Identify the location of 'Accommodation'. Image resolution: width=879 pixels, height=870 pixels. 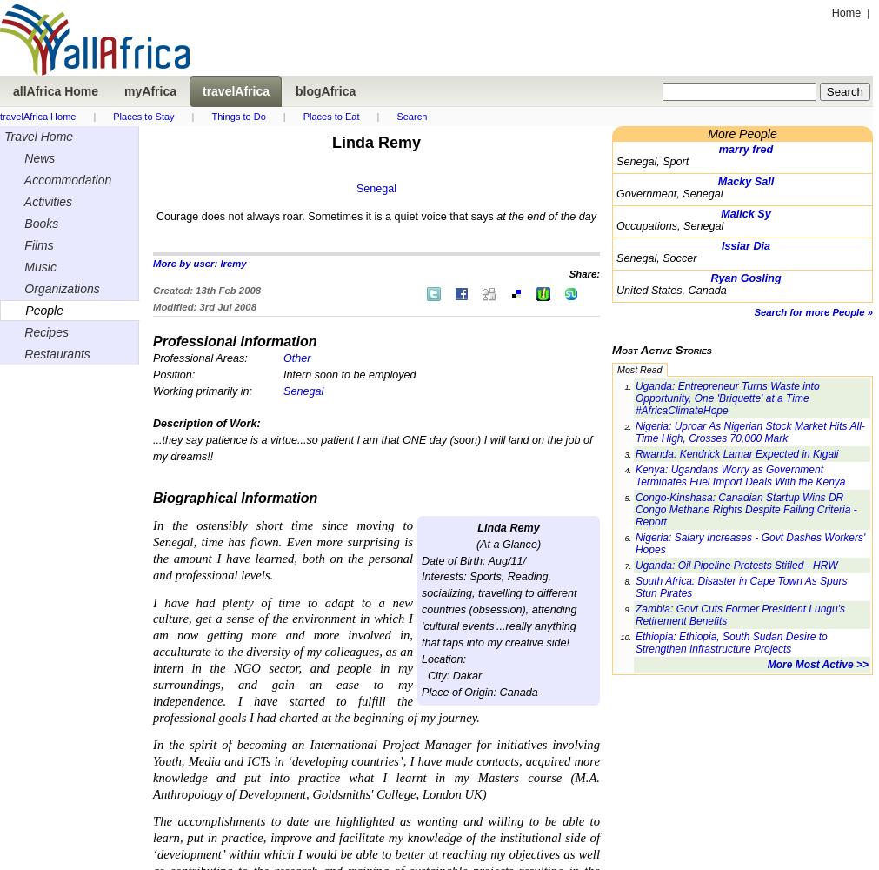
(3, 179).